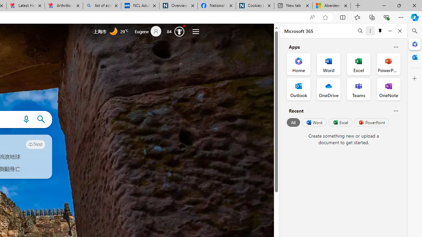 The height and width of the screenshot is (237, 422). I want to click on 'AutomationID: rh_meter', so click(179, 31).